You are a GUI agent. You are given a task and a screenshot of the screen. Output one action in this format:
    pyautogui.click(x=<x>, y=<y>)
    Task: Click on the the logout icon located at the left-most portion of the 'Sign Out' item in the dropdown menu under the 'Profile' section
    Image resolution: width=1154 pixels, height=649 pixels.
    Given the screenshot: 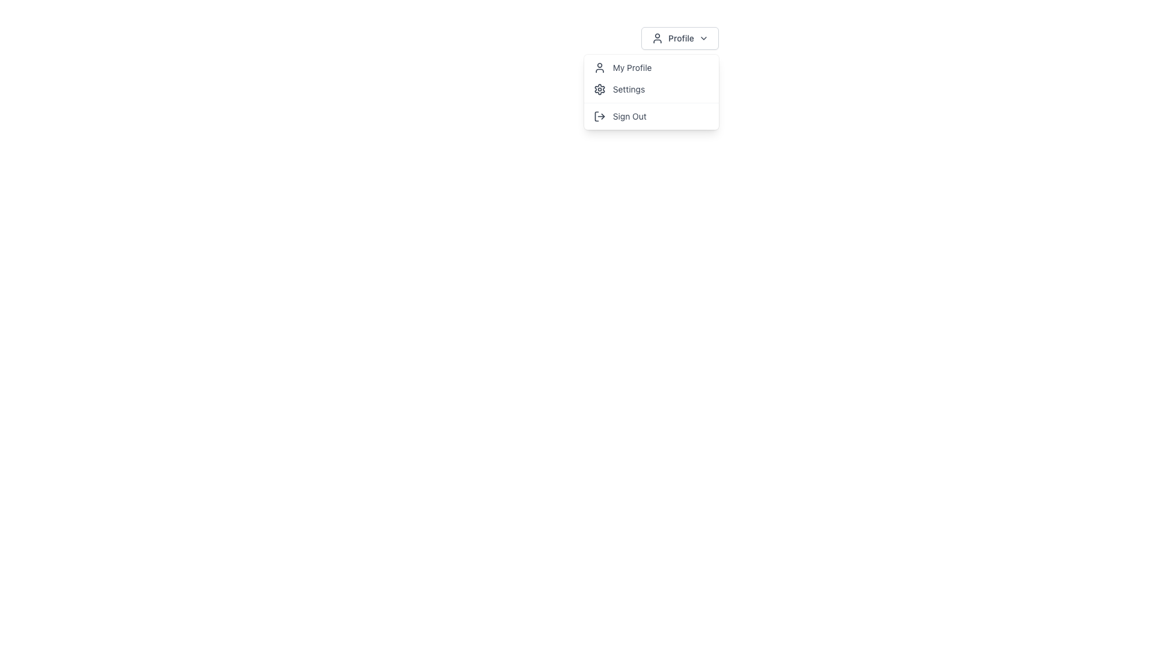 What is the action you would take?
    pyautogui.click(x=599, y=116)
    